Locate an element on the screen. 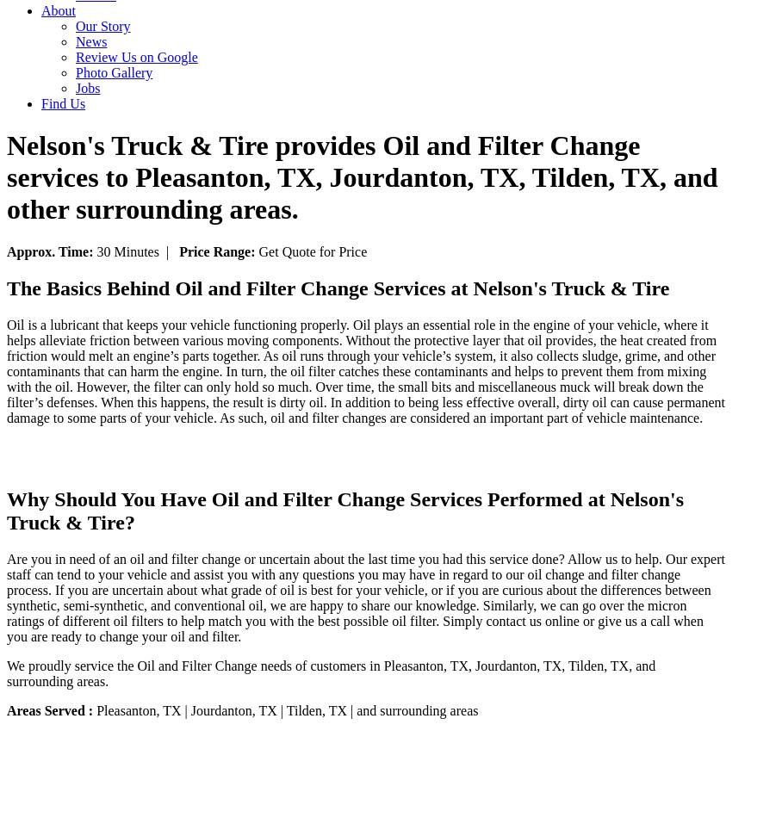 The image size is (782, 836). 'Jobs' is located at coordinates (86, 87).